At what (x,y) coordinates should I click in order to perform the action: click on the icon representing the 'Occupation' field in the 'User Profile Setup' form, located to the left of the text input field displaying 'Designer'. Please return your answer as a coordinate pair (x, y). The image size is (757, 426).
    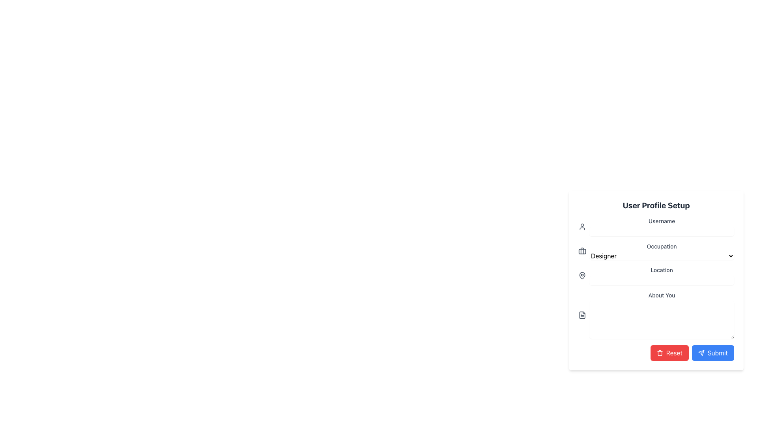
    Looking at the image, I should click on (582, 251).